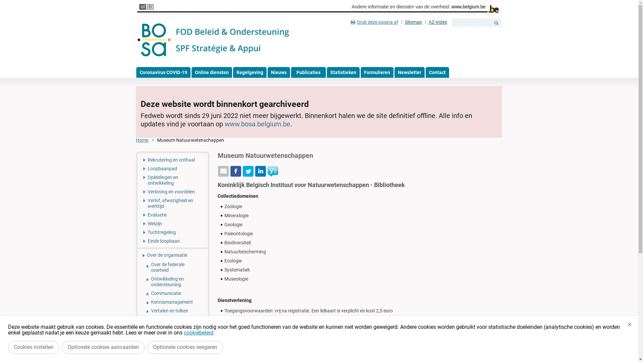  Describe the element at coordinates (374, 21) in the screenshot. I see `'Druk deze pagina af'` at that location.